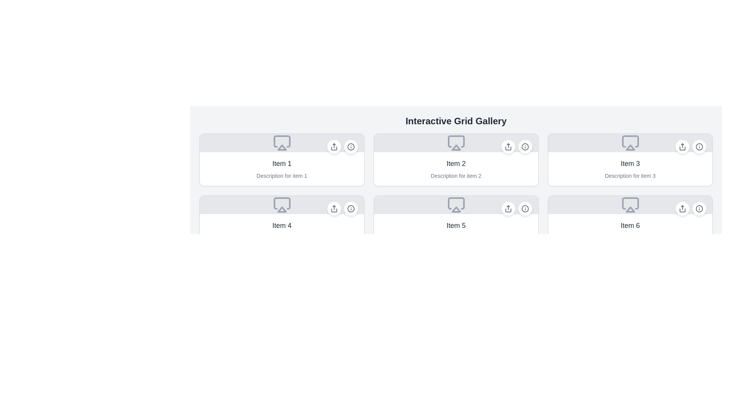 This screenshot has height=413, width=735. I want to click on the semi-transparent overlay within the card labeled 'Item 6' in the grid layout, so click(630, 221).